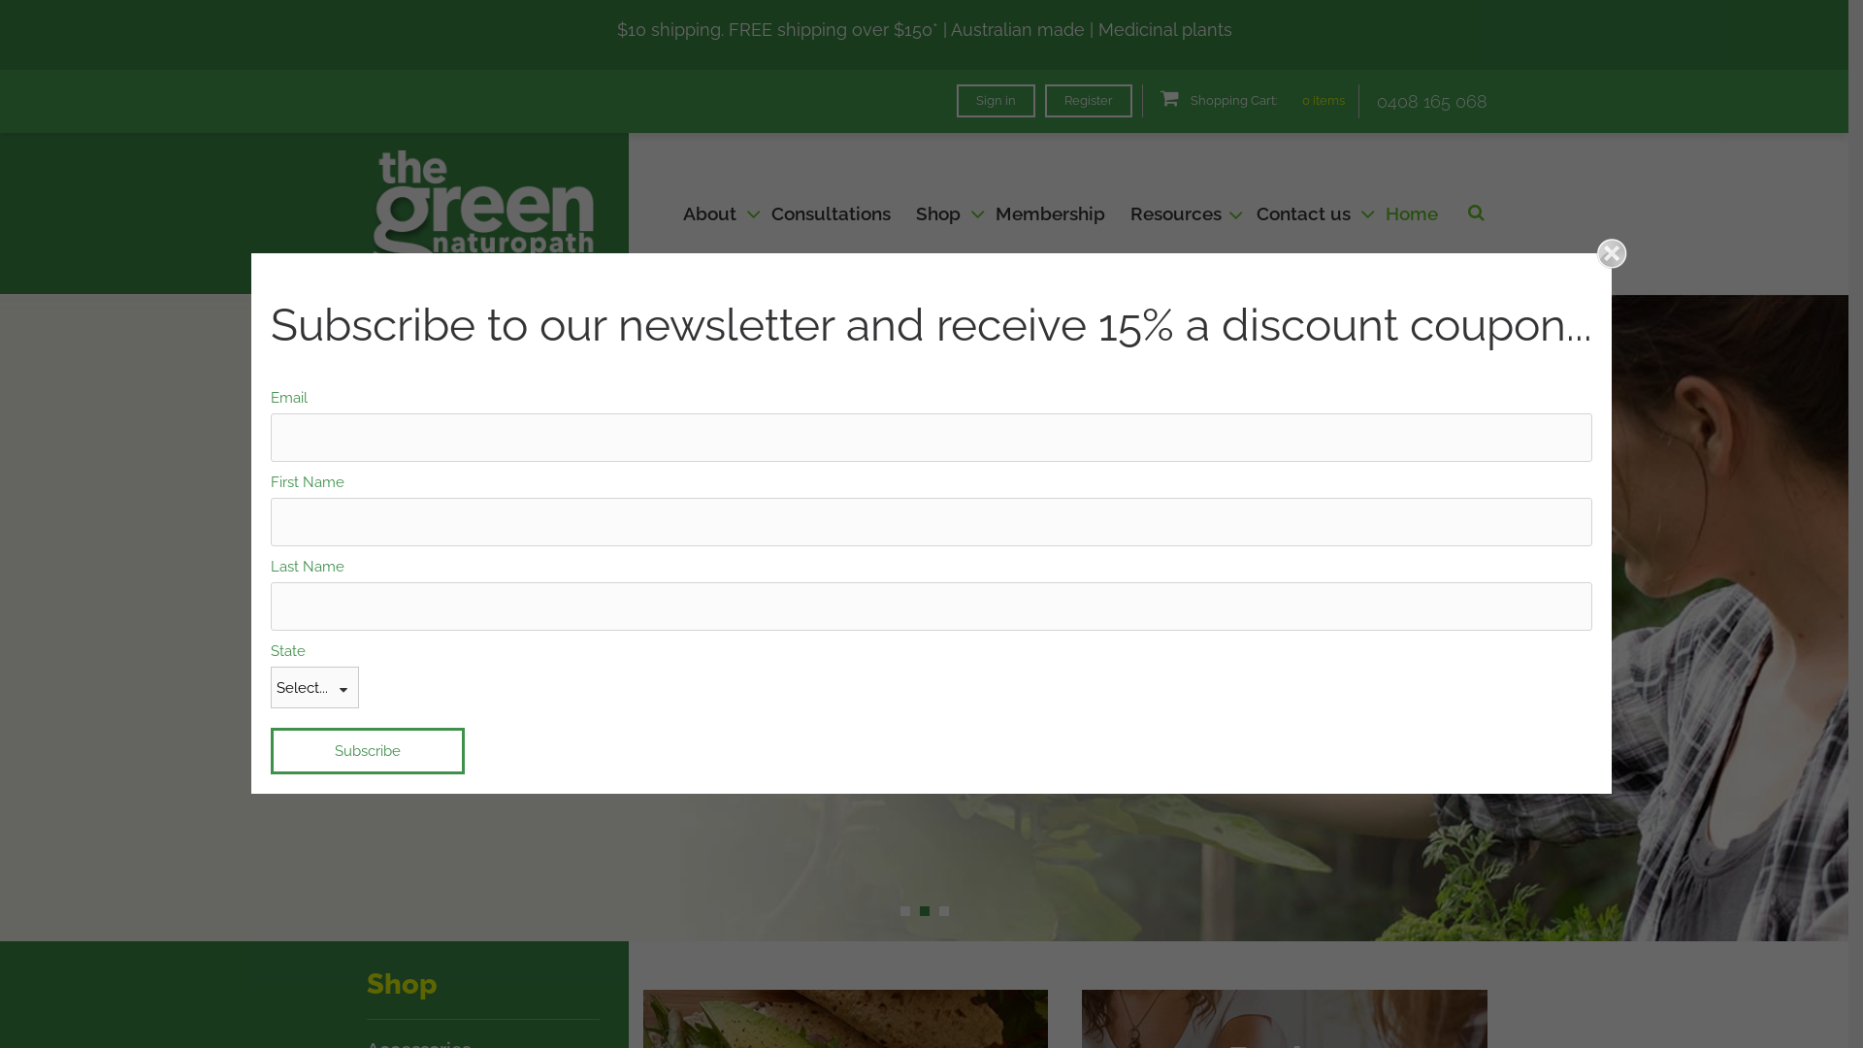 The image size is (1863, 1048). Describe the element at coordinates (996, 213) in the screenshot. I see `'Membership'` at that location.